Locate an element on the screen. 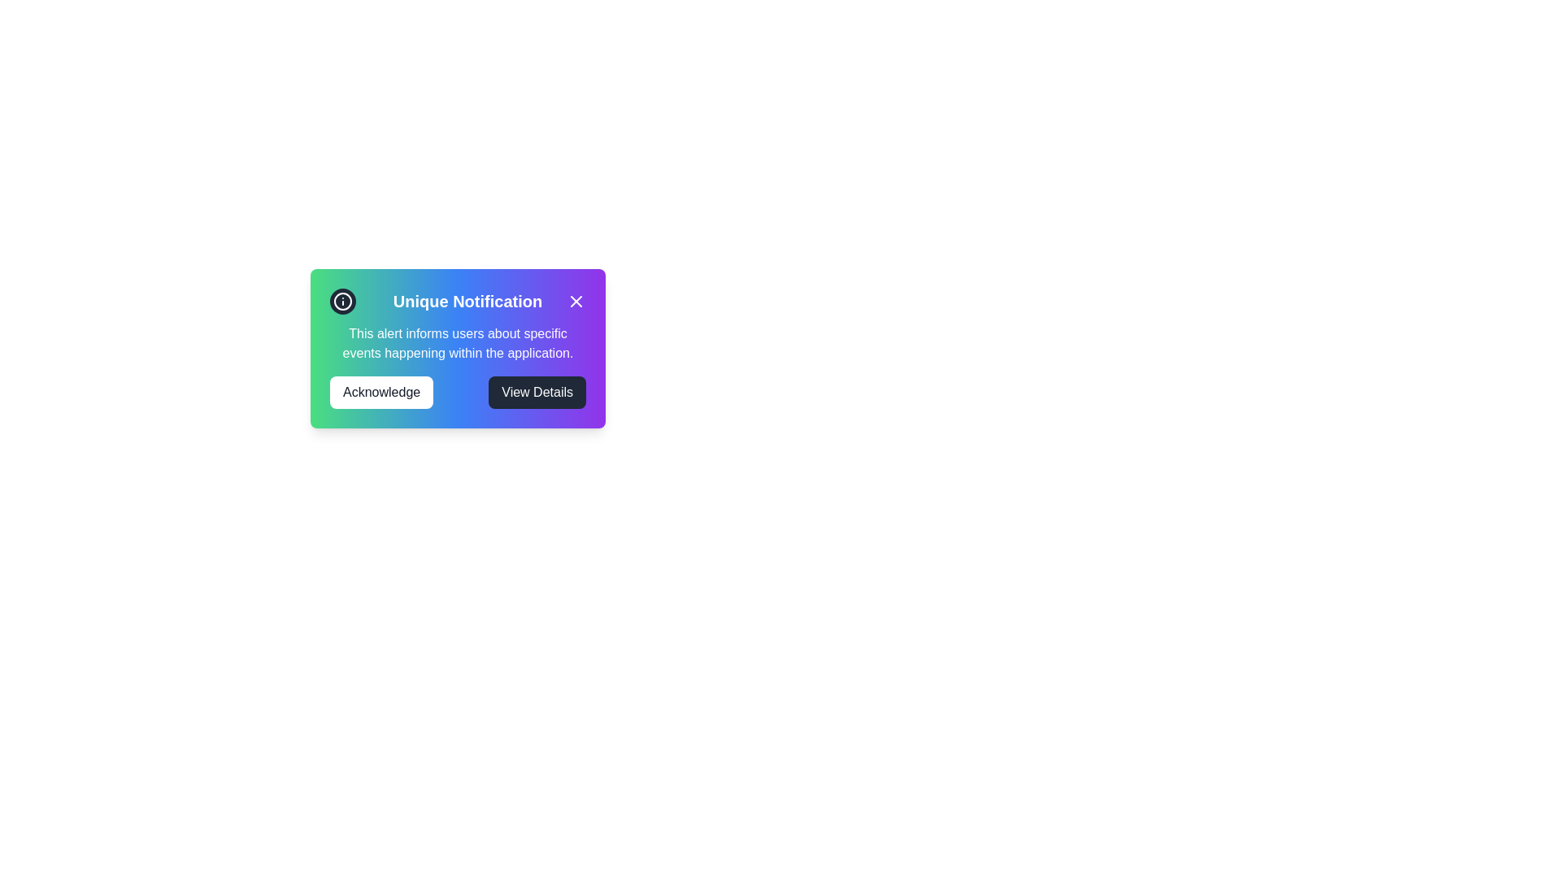 This screenshot has height=878, width=1561. the close button to close the notification is located at coordinates (576, 301).